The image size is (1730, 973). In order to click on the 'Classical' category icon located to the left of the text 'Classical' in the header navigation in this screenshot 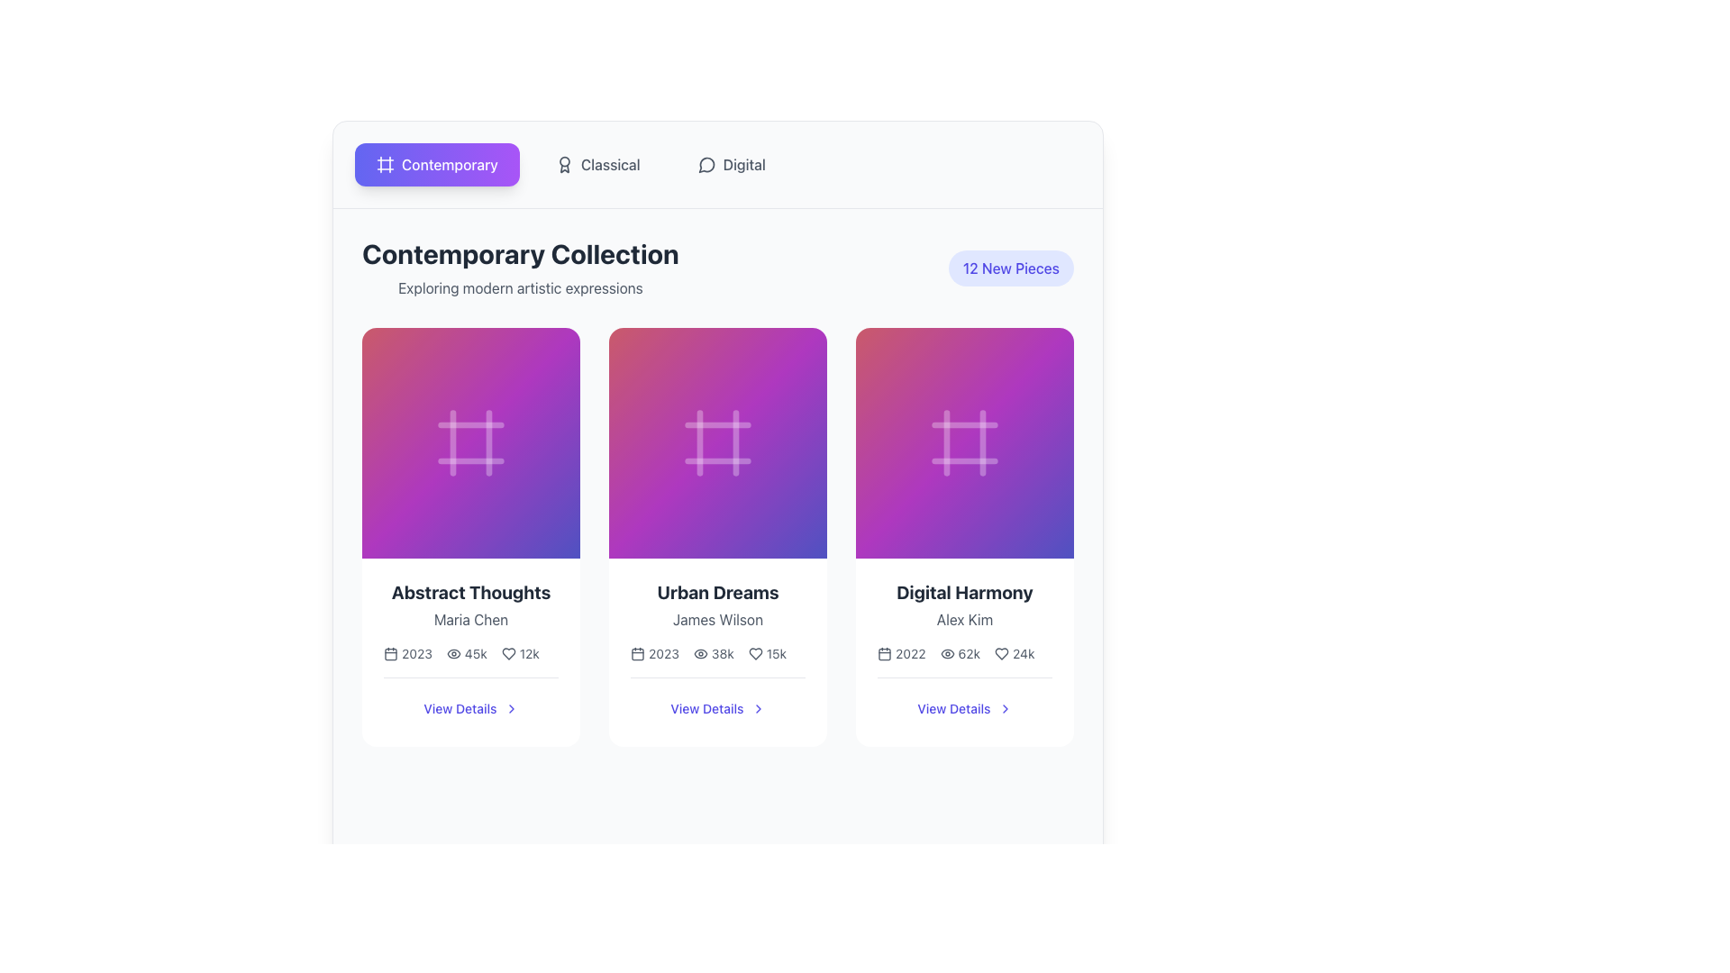, I will do `click(563, 164)`.